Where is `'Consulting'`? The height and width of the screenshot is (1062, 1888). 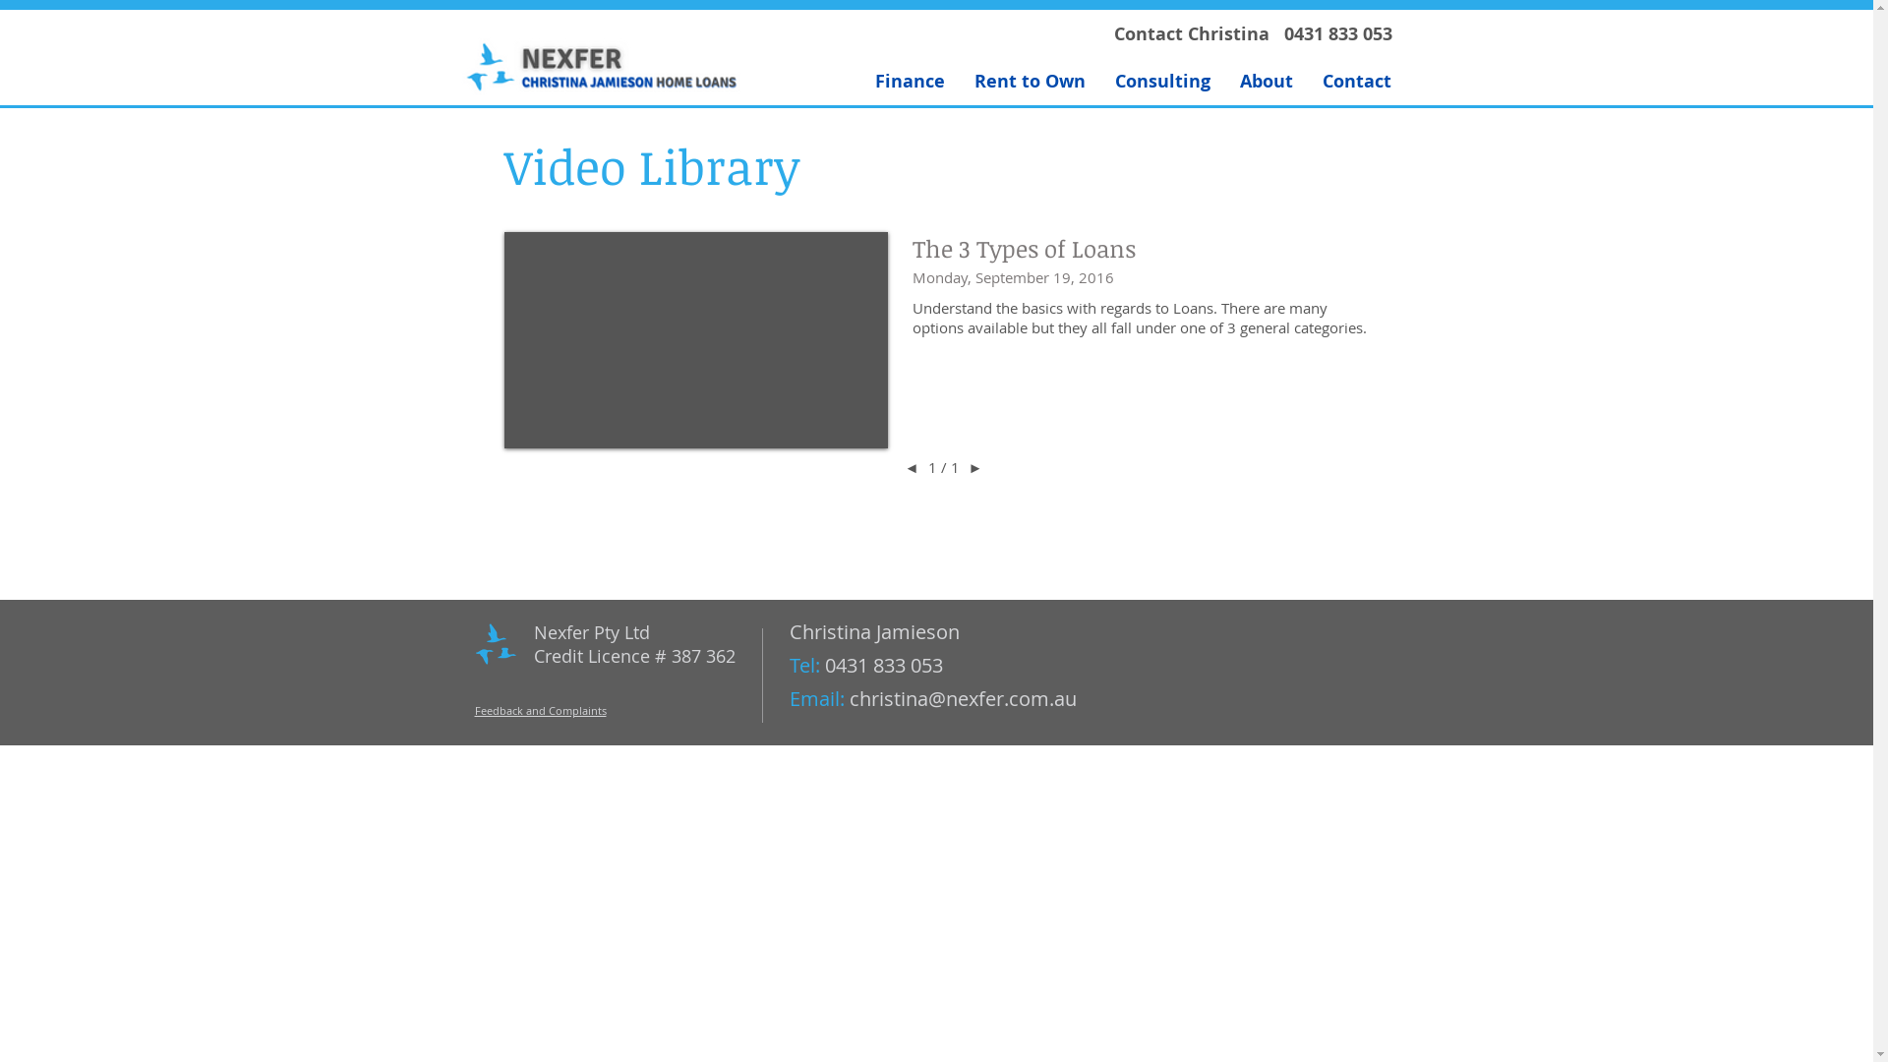 'Consulting' is located at coordinates (1161, 80).